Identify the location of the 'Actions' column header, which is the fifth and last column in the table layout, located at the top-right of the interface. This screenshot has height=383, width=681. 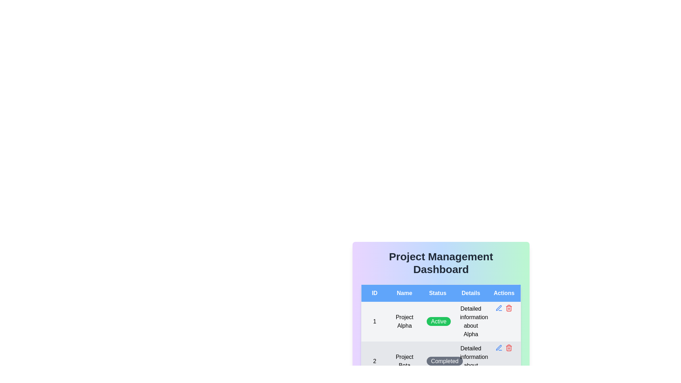
(504, 293).